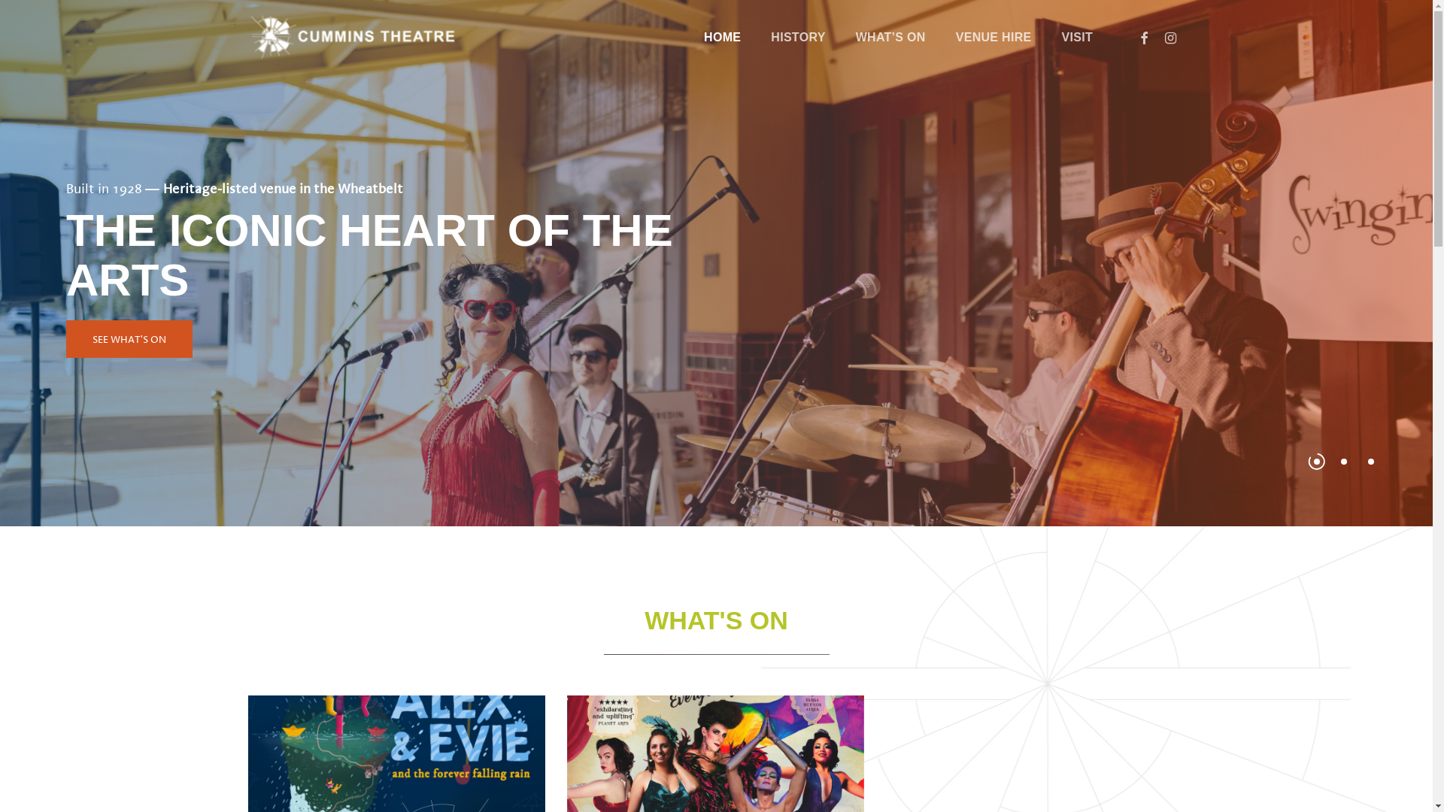 Image resolution: width=1444 pixels, height=812 pixels. I want to click on 'HOME', so click(722, 37).